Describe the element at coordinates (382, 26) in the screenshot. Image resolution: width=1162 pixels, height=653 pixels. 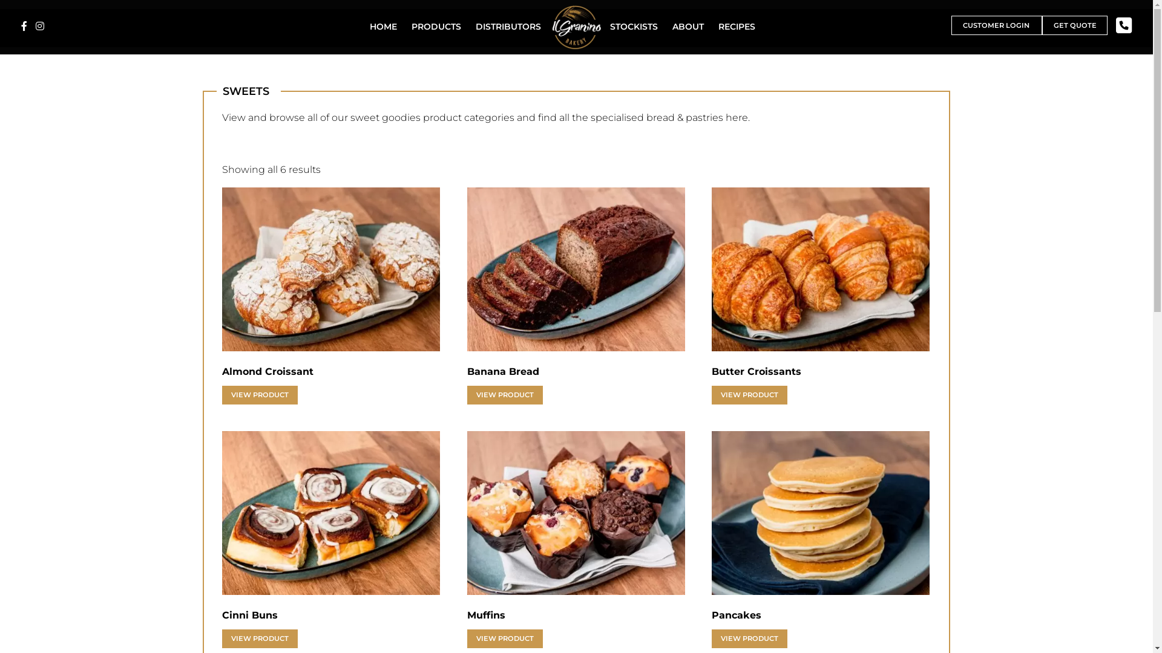
I see `'HOME'` at that location.